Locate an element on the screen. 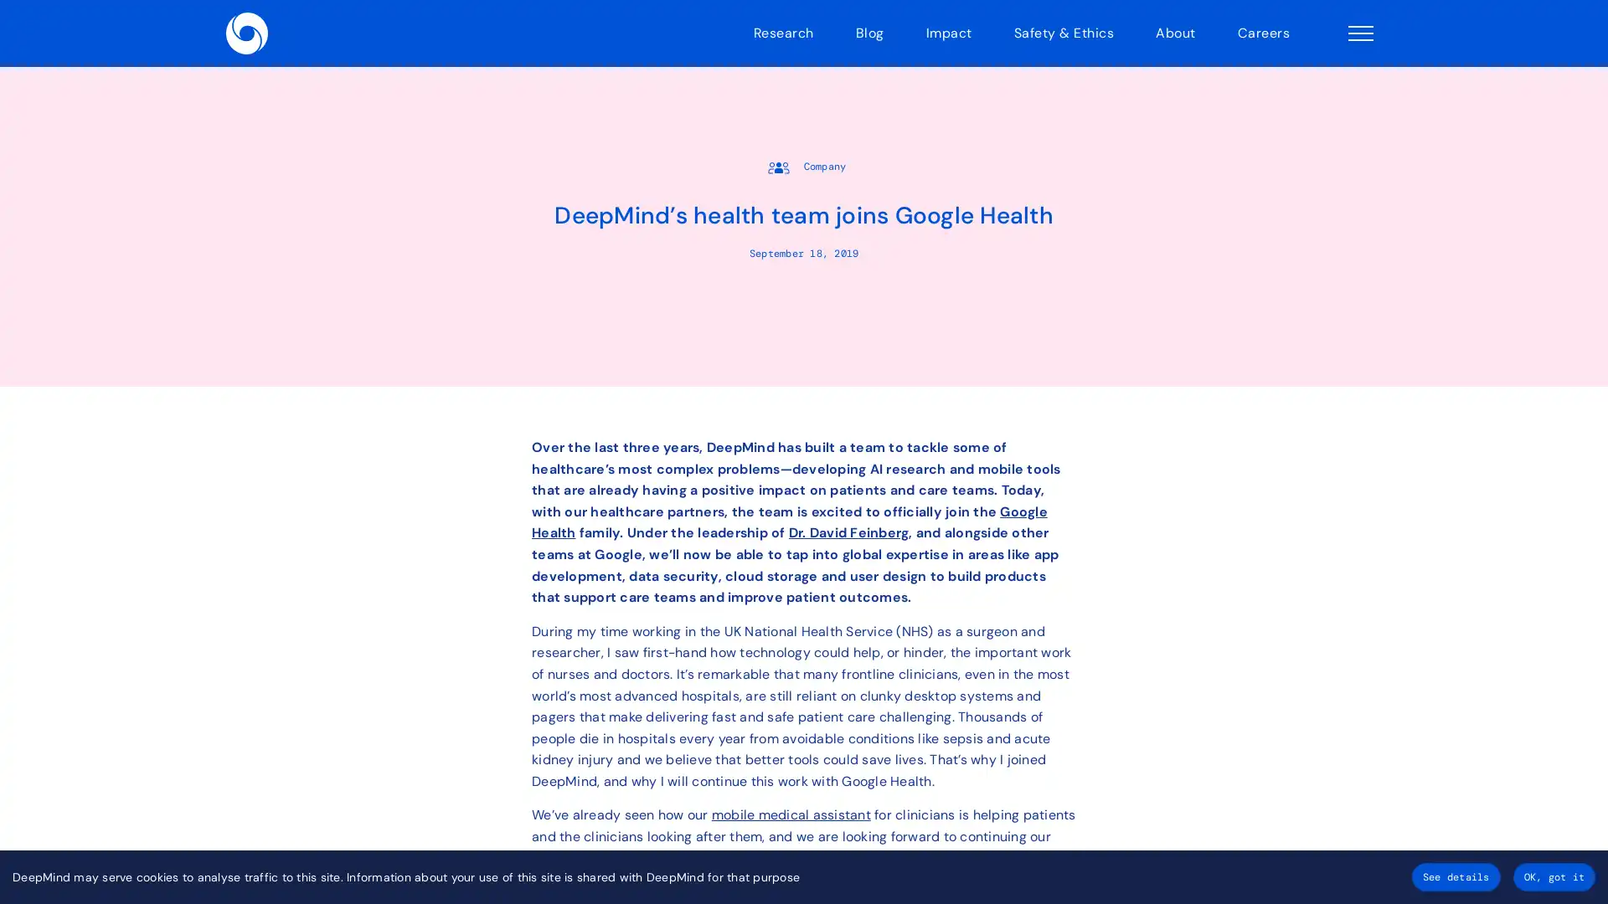 The width and height of the screenshot is (1608, 904). OK, got it is located at coordinates (1553, 876).